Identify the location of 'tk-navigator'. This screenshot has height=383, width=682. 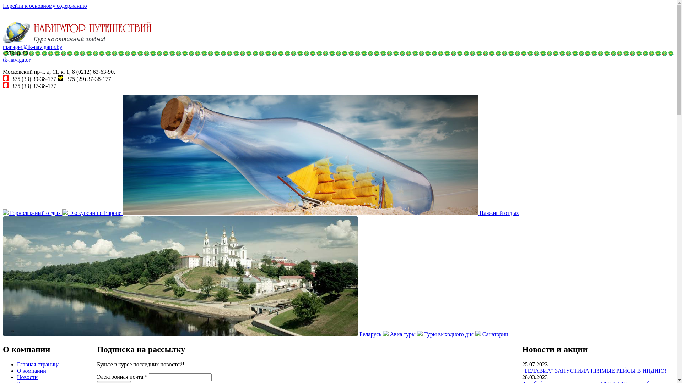
(3, 59).